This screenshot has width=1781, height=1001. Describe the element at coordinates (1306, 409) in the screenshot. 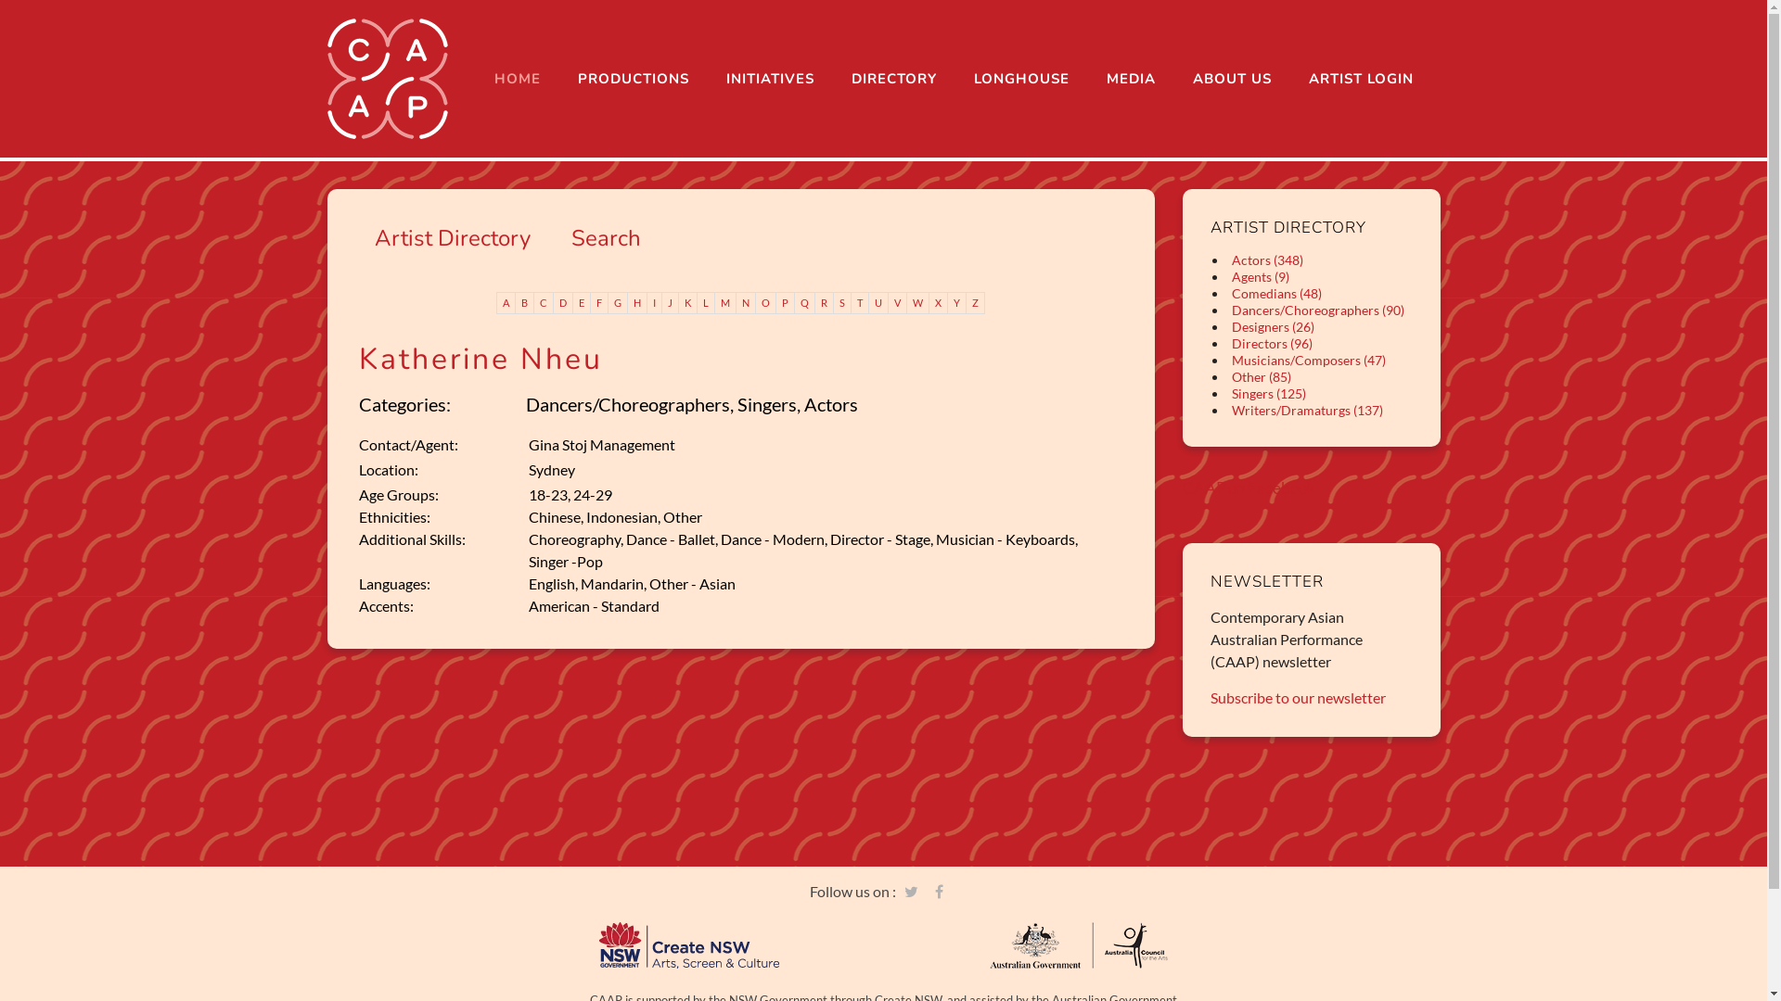

I see `'Writers/Dramaturgs (137)'` at that location.